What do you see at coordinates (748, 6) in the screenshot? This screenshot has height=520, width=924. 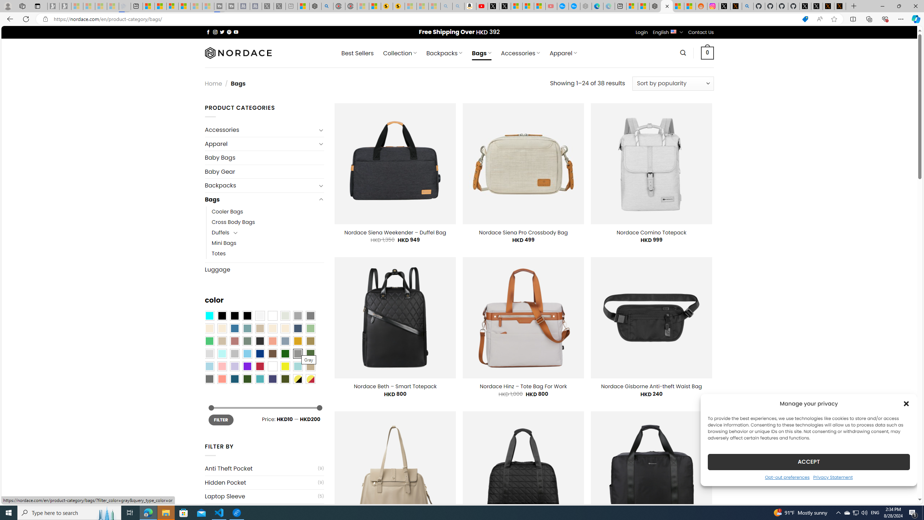 I see `'github - Search'` at bounding box center [748, 6].